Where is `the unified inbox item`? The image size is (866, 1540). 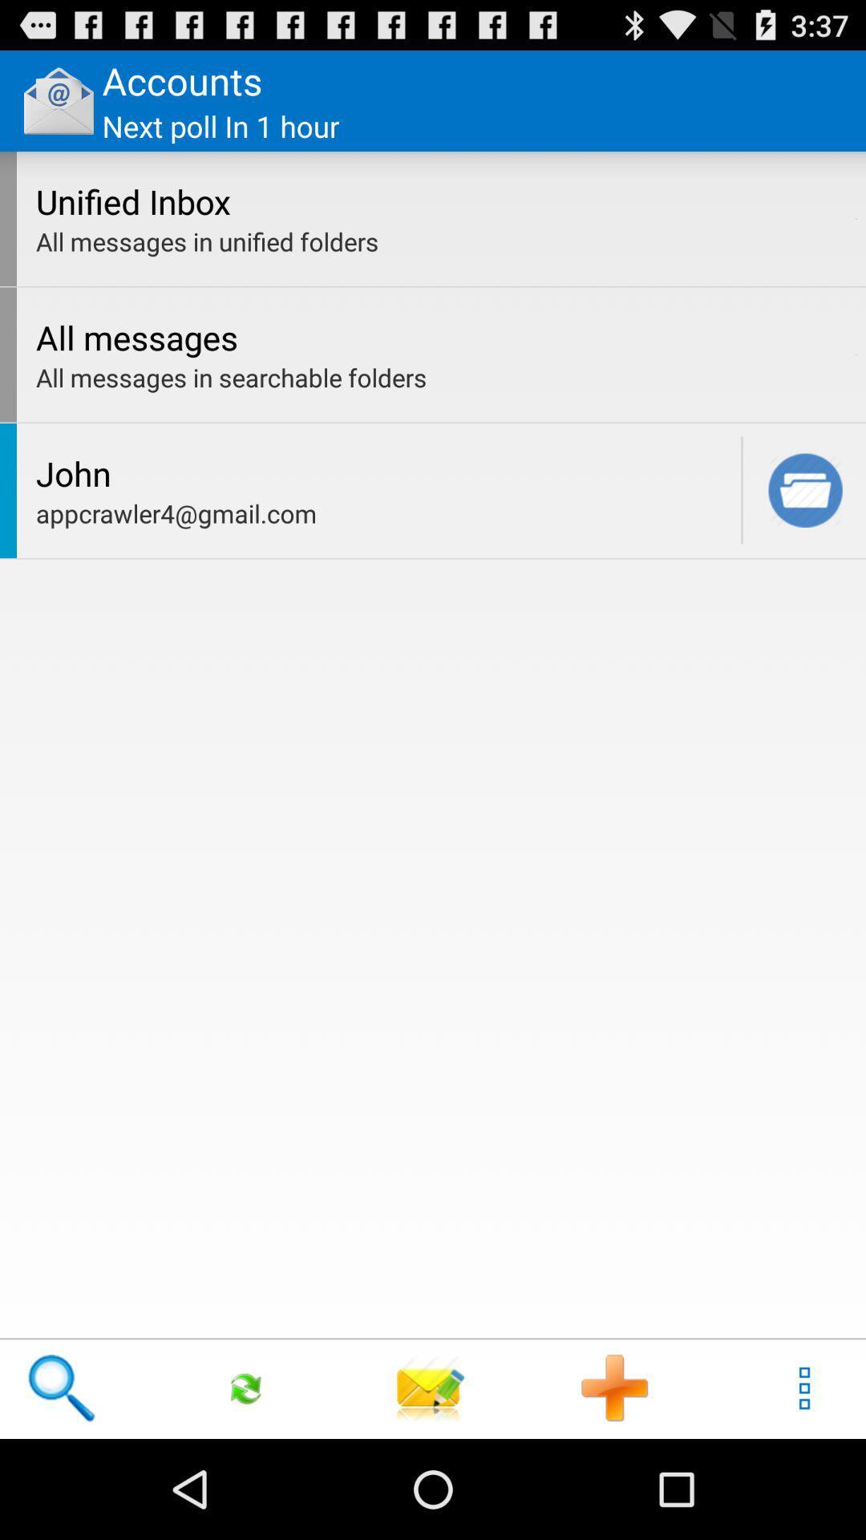 the unified inbox item is located at coordinates (441, 201).